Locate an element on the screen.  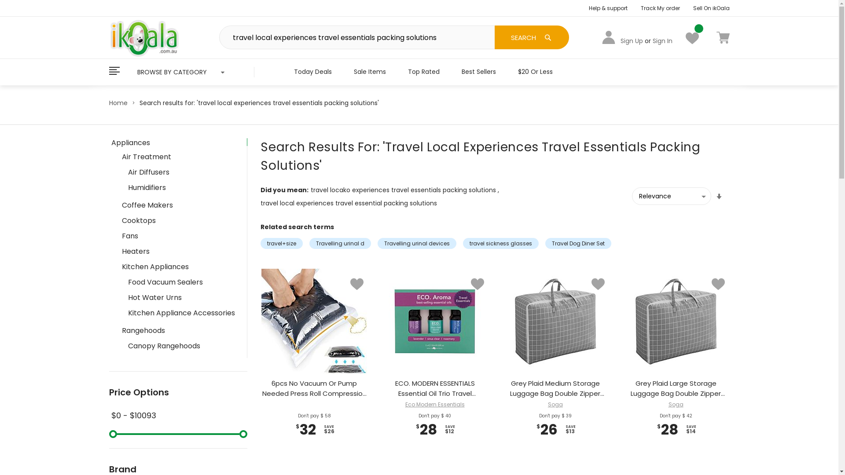
'Set Ascending Direction' is located at coordinates (719, 196).